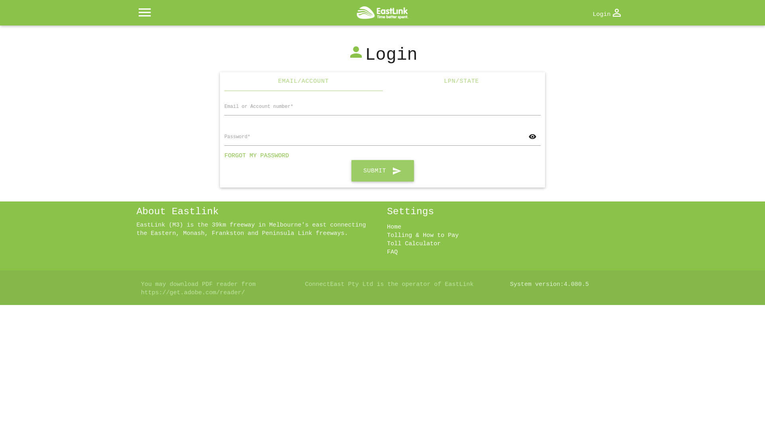  What do you see at coordinates (394, 227) in the screenshot?
I see `'Home'` at bounding box center [394, 227].